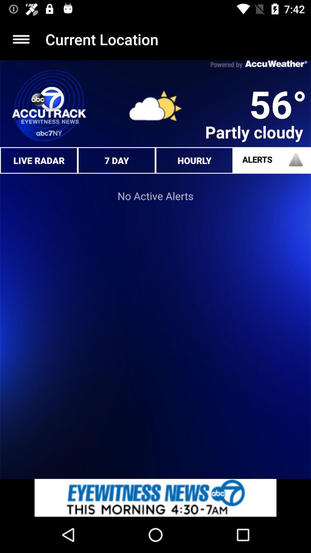 The width and height of the screenshot is (311, 553). Describe the element at coordinates (21, 39) in the screenshot. I see `the menu icon` at that location.